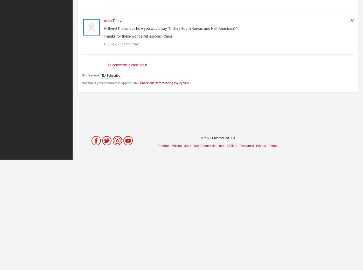 The height and width of the screenshot is (270, 363). Describe the element at coordinates (171, 29) in the screenshot. I see `'Hi there! I'm curious how you would say "I'm half South Korean and Half American?"'` at that location.